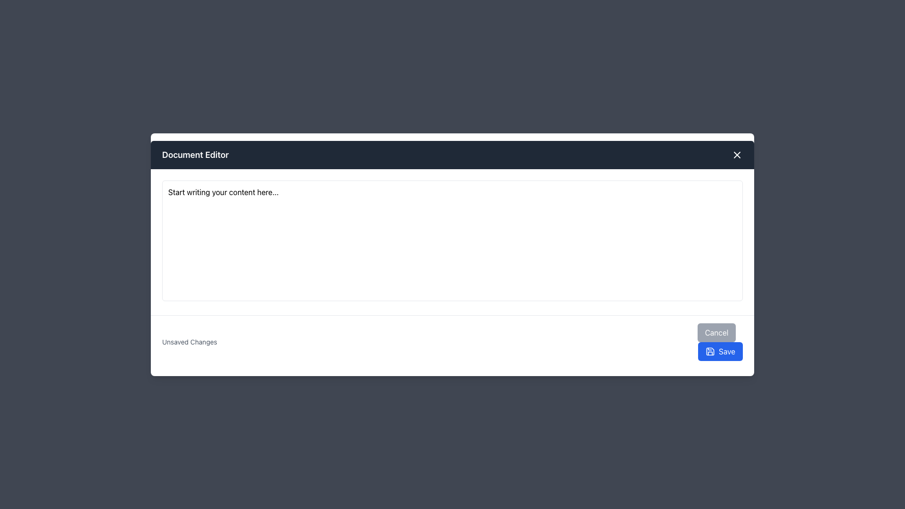  What do you see at coordinates (189, 342) in the screenshot?
I see `the text label displaying 'Unsaved Changes' located in the bottom panel of the modal interface, positioned to the left of the 'Cancel' and 'Save' buttons` at bounding box center [189, 342].